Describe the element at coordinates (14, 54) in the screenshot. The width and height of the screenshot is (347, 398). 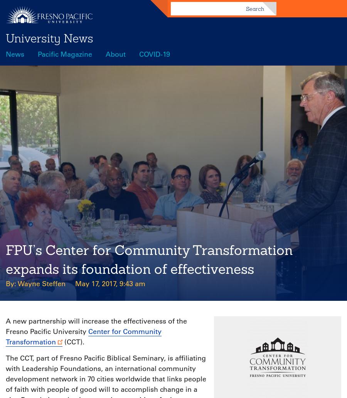
I see `'News'` at that location.